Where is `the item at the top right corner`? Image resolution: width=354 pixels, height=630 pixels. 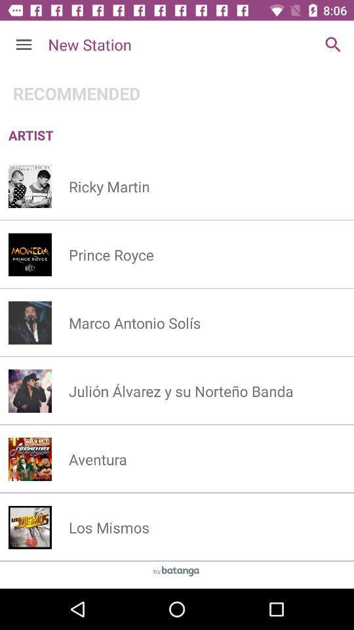
the item at the top right corner is located at coordinates (333, 45).